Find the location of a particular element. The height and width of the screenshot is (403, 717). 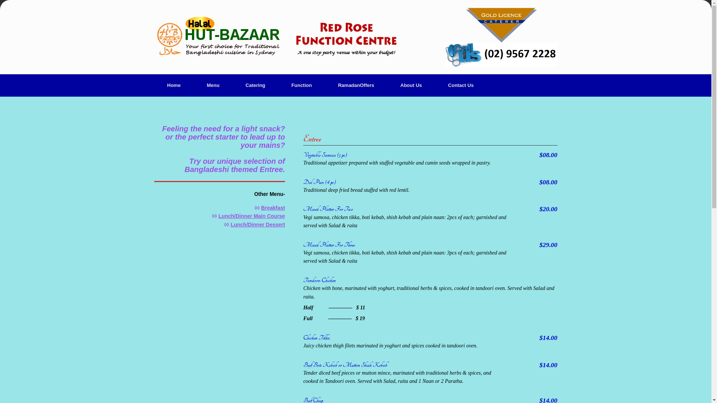

'About Us' is located at coordinates (410, 85).